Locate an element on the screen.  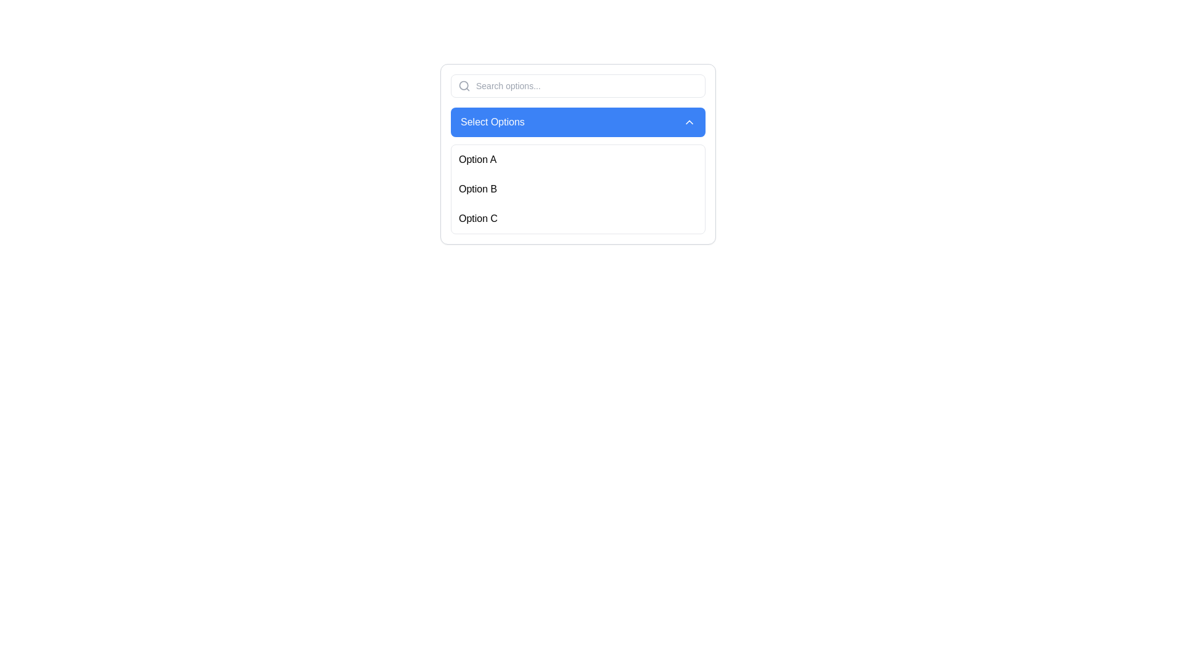
the magnifying glass icon representing the search feature, which is located in the left section of the search bar input field is located at coordinates (463, 85).